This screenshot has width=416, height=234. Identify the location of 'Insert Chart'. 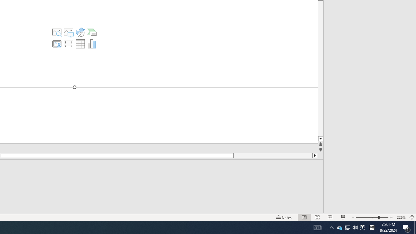
(92, 44).